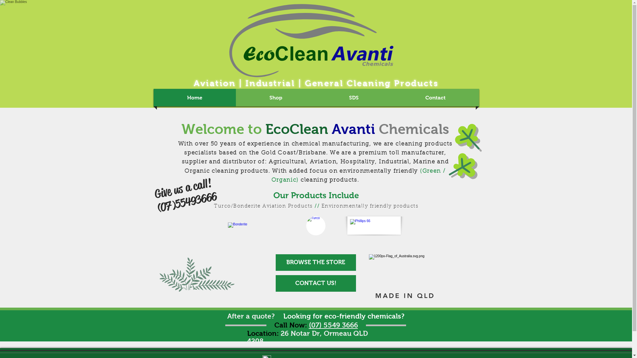  I want to click on 'CONTACT US!', so click(315, 283).